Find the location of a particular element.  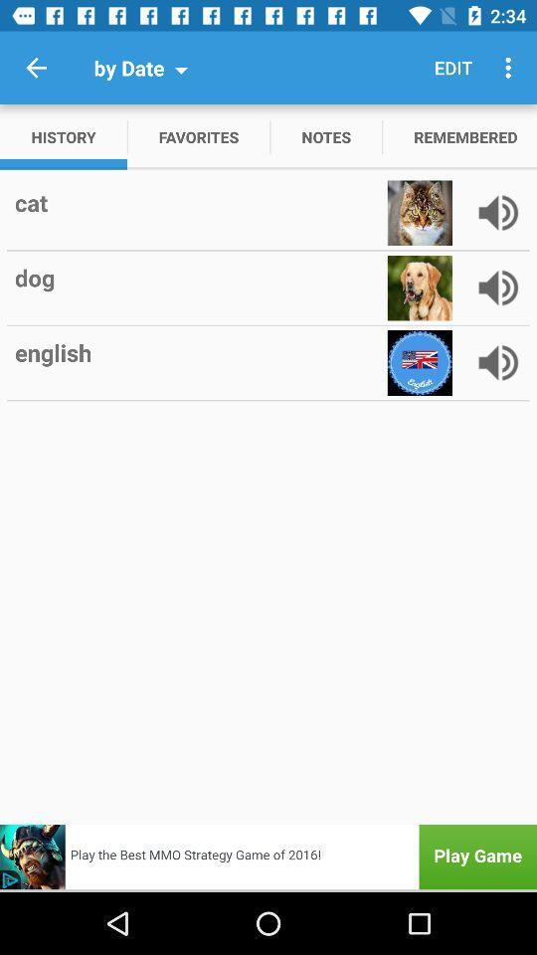

the app to the right of history icon is located at coordinates (199, 135).